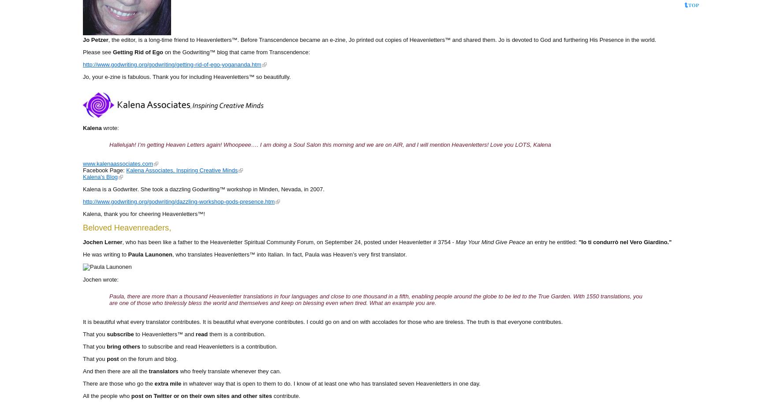 The width and height of the screenshot is (777, 405). I want to click on 'translators', so click(163, 370).